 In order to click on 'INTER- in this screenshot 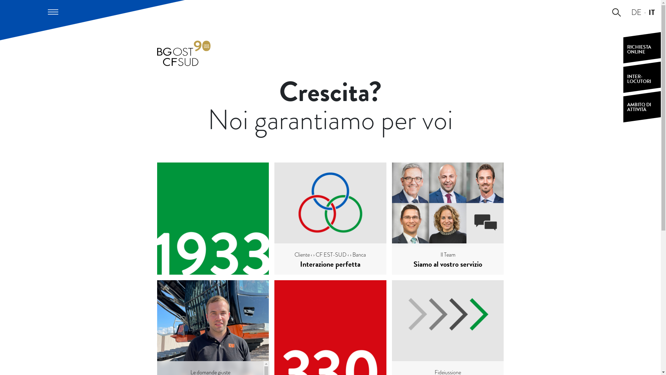, I will do `click(642, 77)`.